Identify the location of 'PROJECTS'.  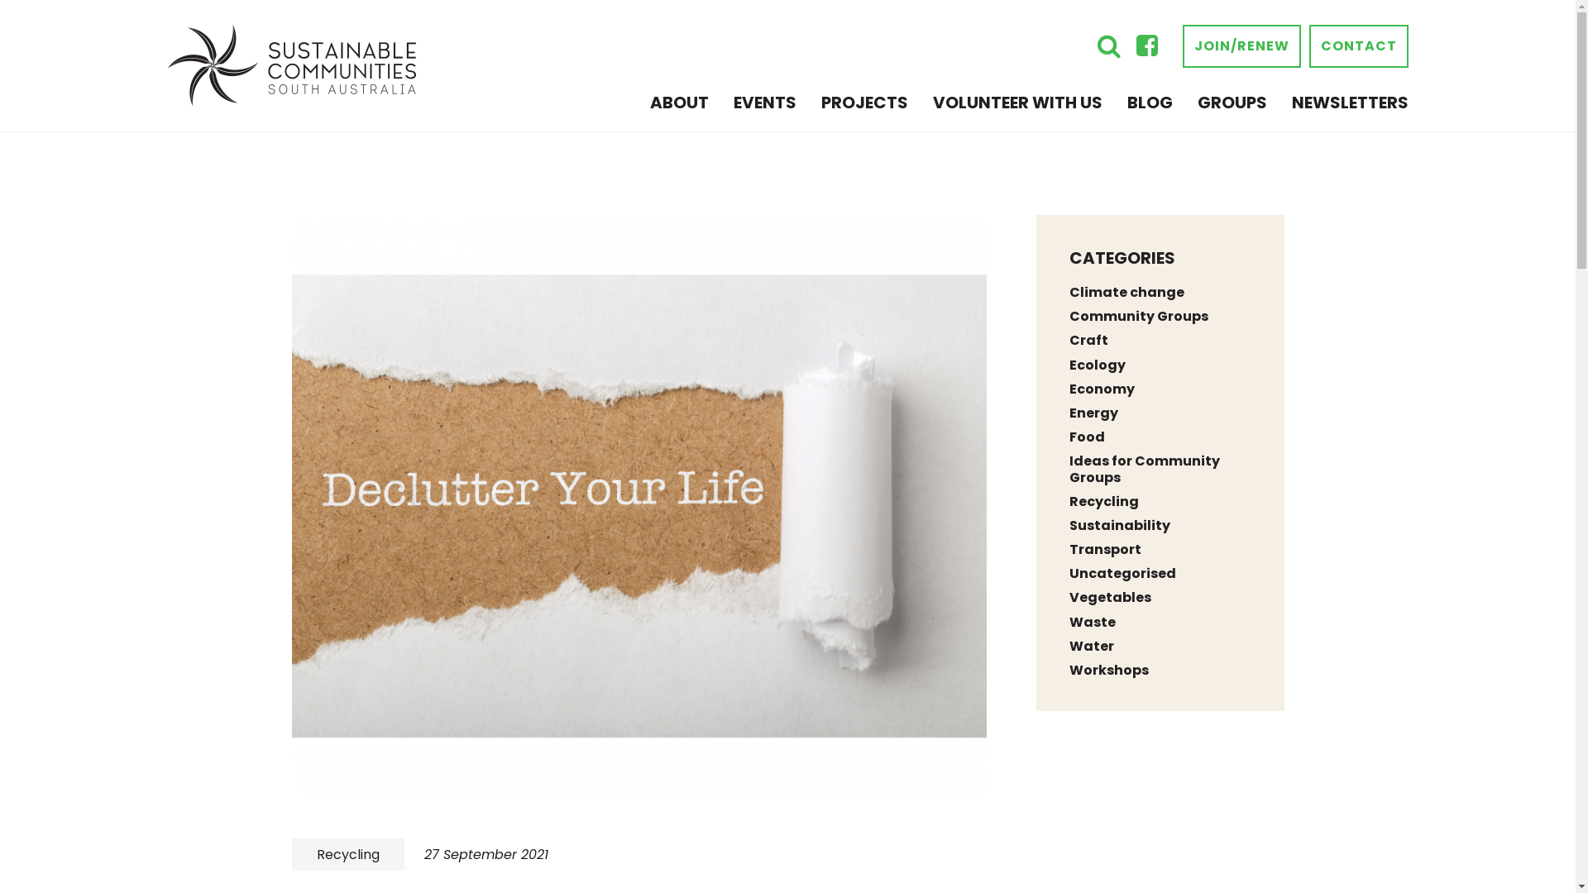
(863, 102).